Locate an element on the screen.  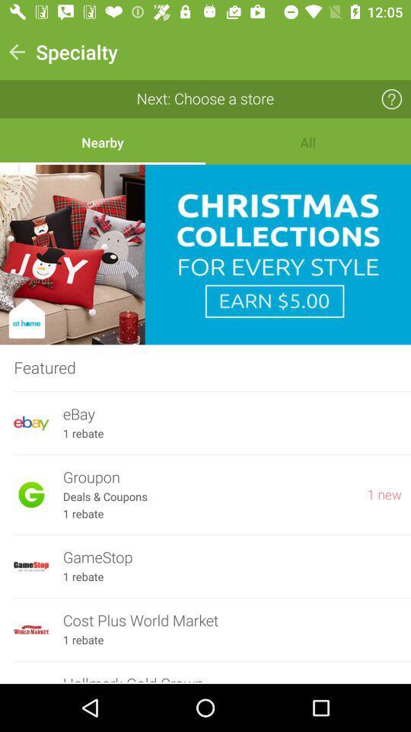
the logo left to gamestop is located at coordinates (31, 566).